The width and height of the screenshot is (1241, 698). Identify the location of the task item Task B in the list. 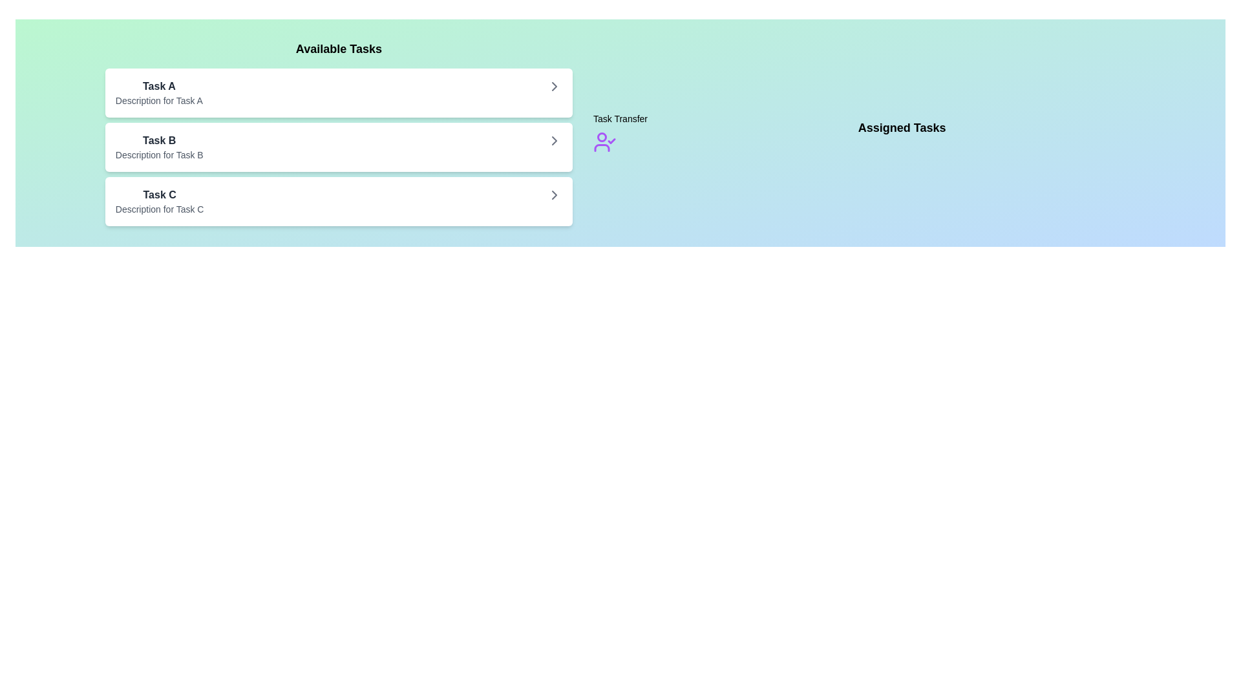
(339, 146).